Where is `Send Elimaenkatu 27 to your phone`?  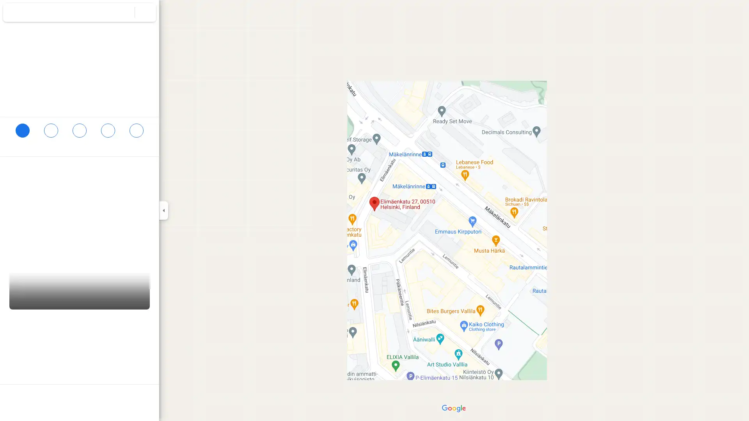
Send Elimaenkatu 27 to your phone is located at coordinates (107, 136).